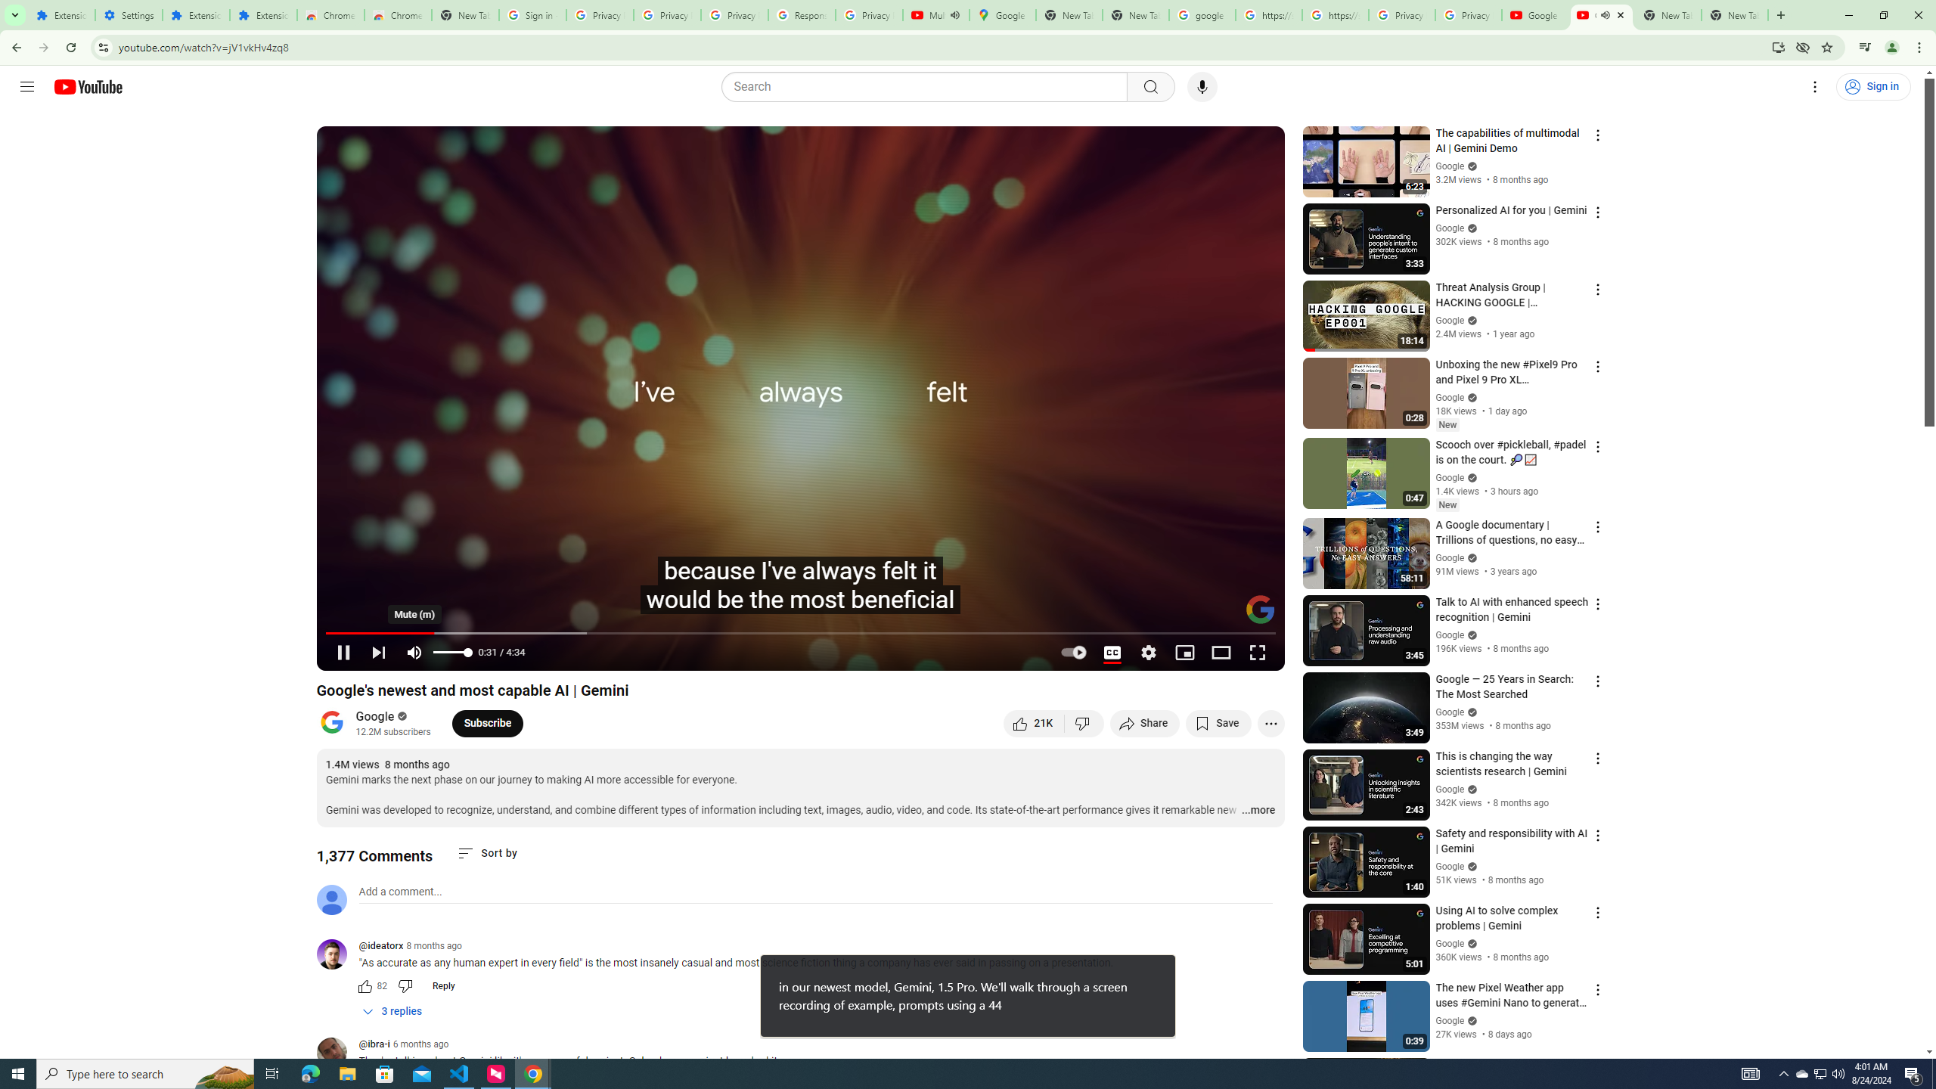 This screenshot has width=1936, height=1089. What do you see at coordinates (1257, 652) in the screenshot?
I see `'Full screen (f)'` at bounding box center [1257, 652].